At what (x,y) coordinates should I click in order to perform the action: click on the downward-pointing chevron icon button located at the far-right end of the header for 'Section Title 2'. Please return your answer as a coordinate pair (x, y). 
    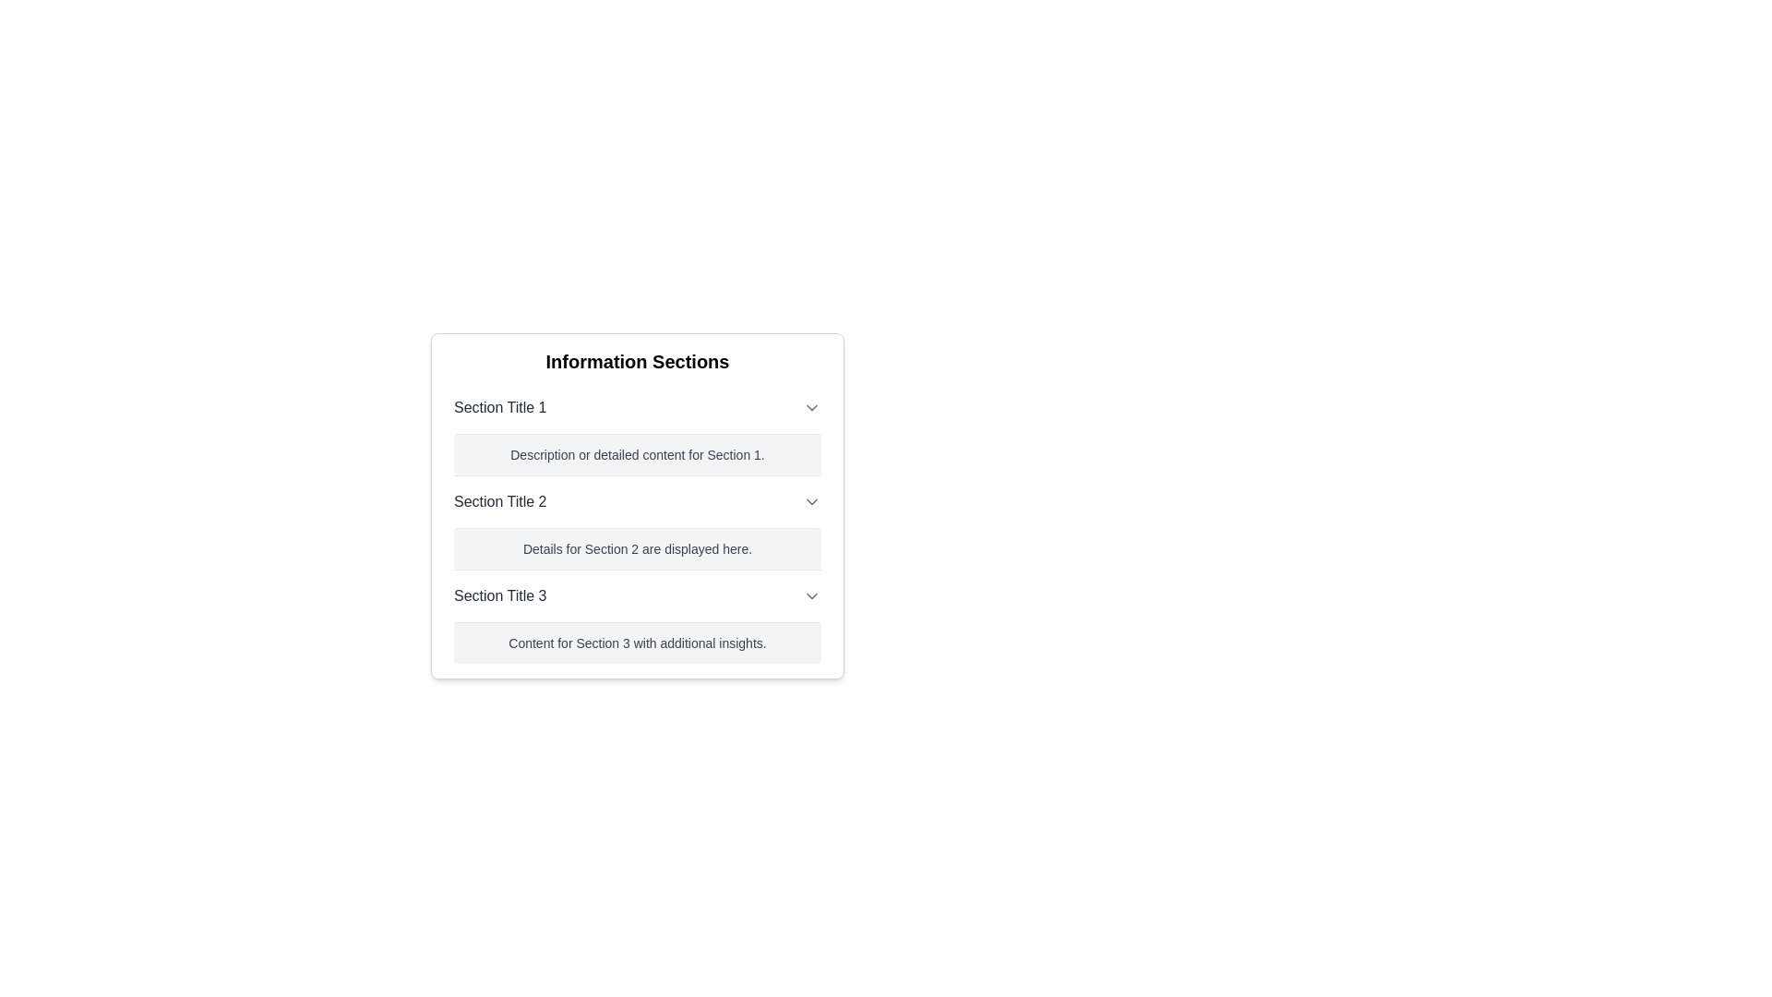
    Looking at the image, I should click on (811, 501).